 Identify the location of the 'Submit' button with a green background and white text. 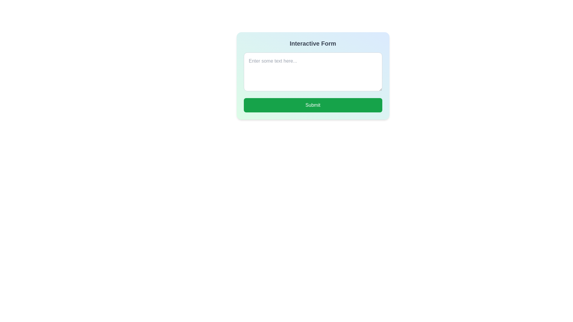
(312, 105).